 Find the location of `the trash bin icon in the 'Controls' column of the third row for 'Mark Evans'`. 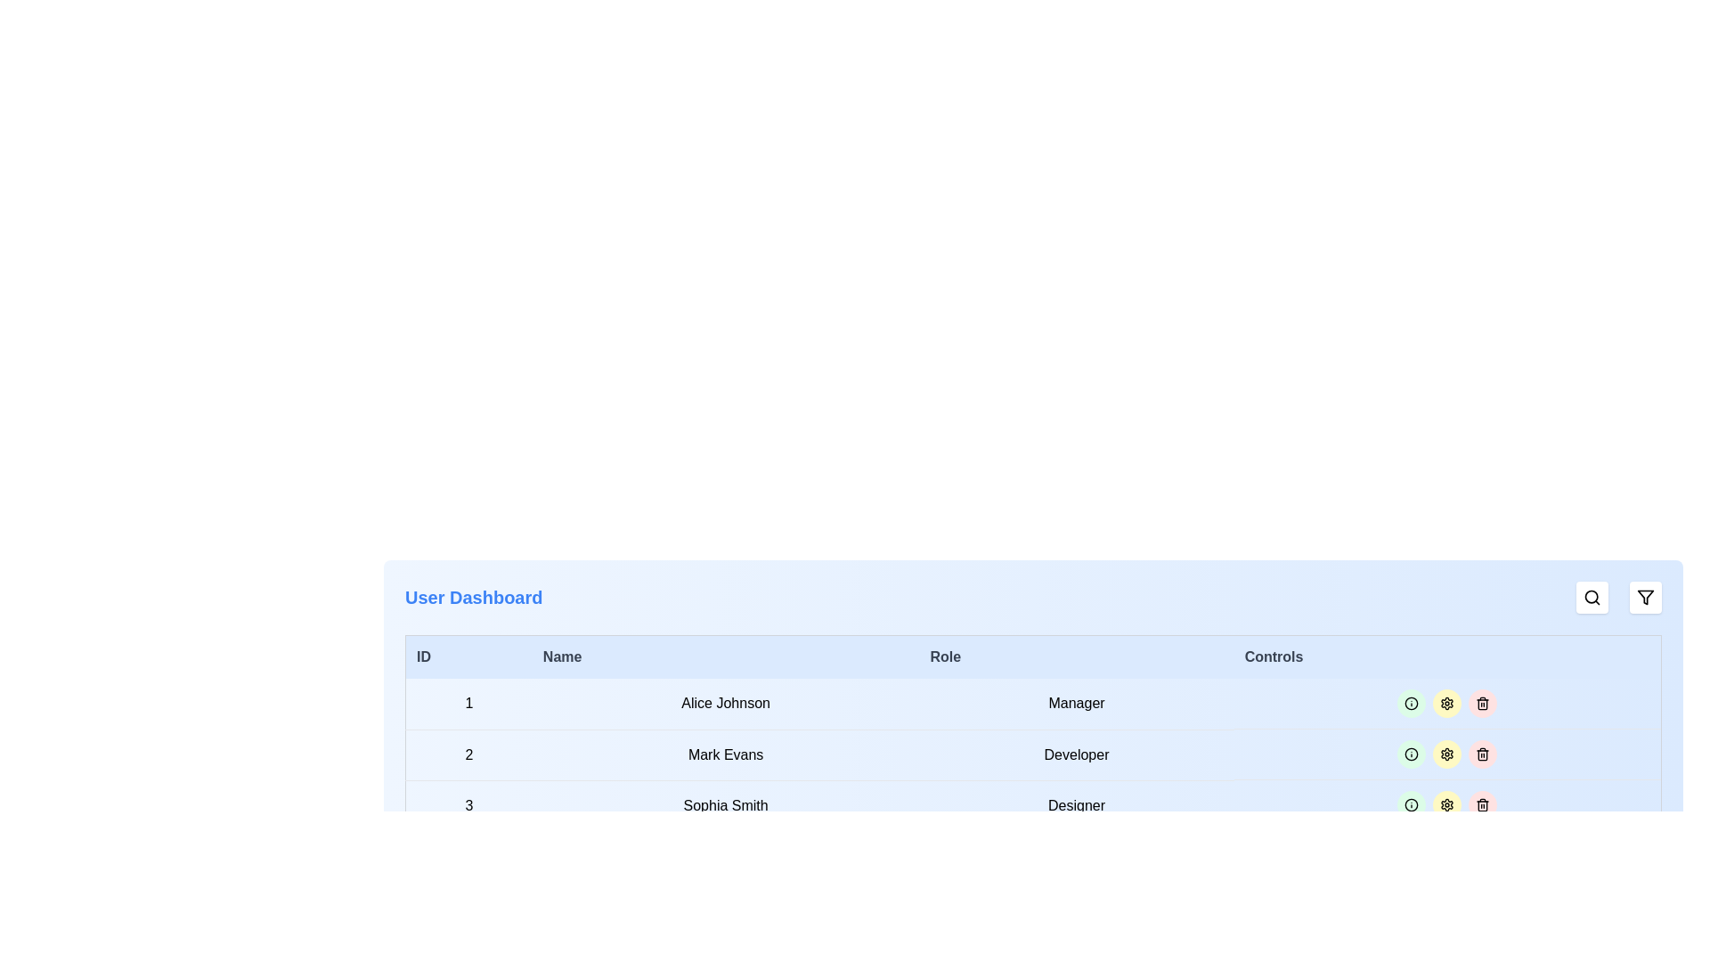

the trash bin icon in the 'Controls' column of the third row for 'Mark Evans' is located at coordinates (1483, 754).